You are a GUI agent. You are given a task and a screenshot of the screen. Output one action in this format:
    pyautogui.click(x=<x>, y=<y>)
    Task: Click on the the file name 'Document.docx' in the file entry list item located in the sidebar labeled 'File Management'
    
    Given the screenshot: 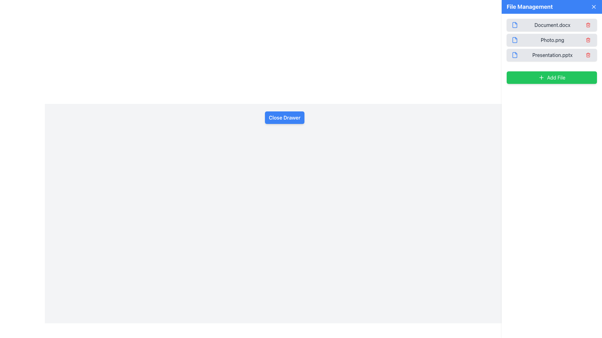 What is the action you would take?
    pyautogui.click(x=552, y=25)
    